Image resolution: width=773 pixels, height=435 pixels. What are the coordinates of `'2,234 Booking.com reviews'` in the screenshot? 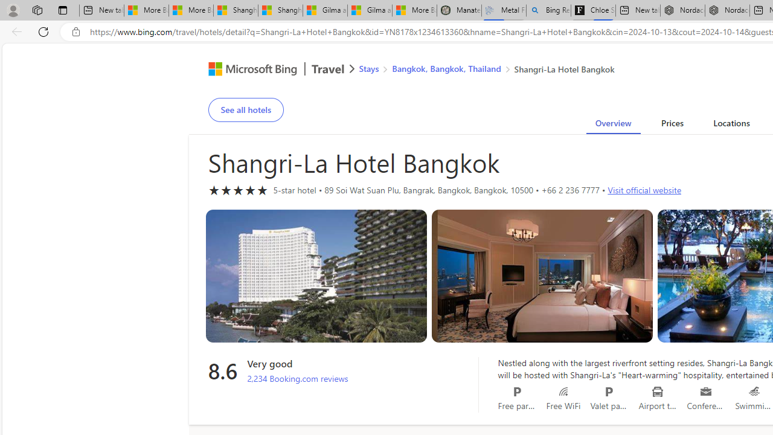 It's located at (298, 378).